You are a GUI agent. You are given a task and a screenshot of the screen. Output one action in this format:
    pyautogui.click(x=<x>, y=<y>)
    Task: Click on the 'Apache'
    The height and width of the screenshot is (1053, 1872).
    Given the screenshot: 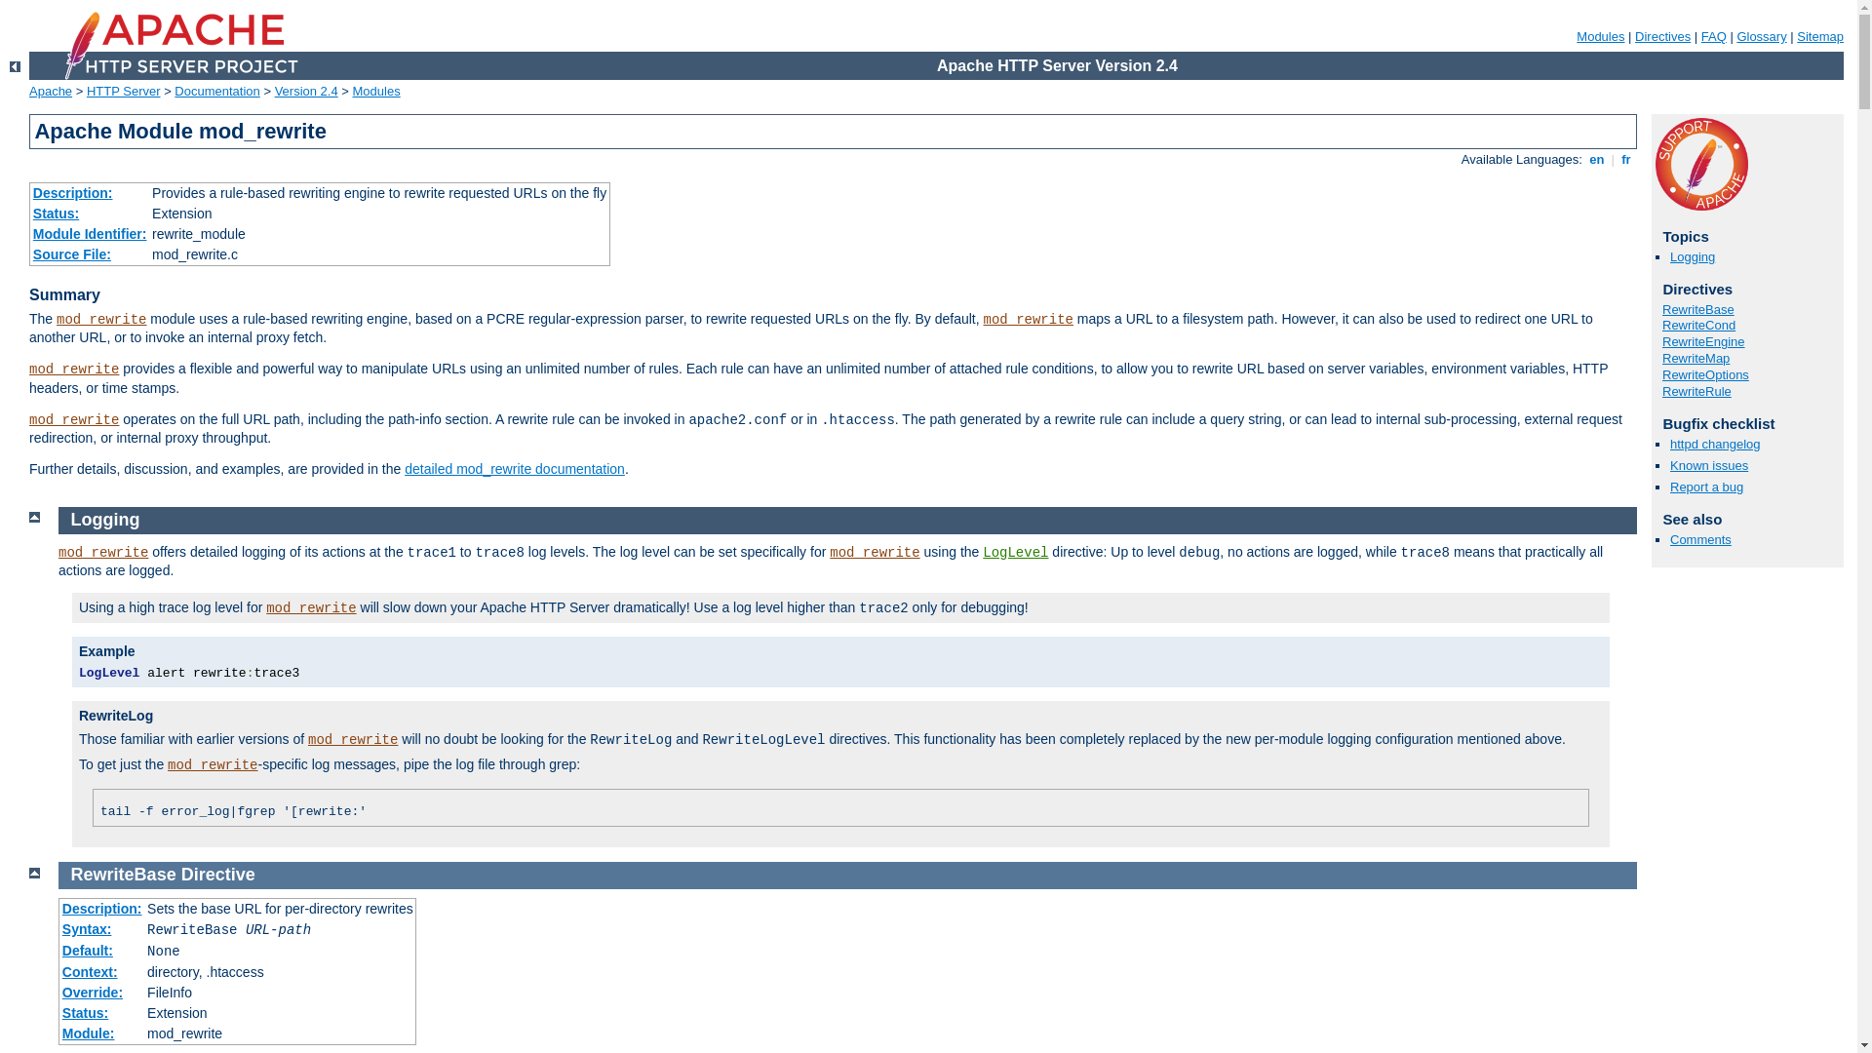 What is the action you would take?
    pyautogui.click(x=51, y=91)
    